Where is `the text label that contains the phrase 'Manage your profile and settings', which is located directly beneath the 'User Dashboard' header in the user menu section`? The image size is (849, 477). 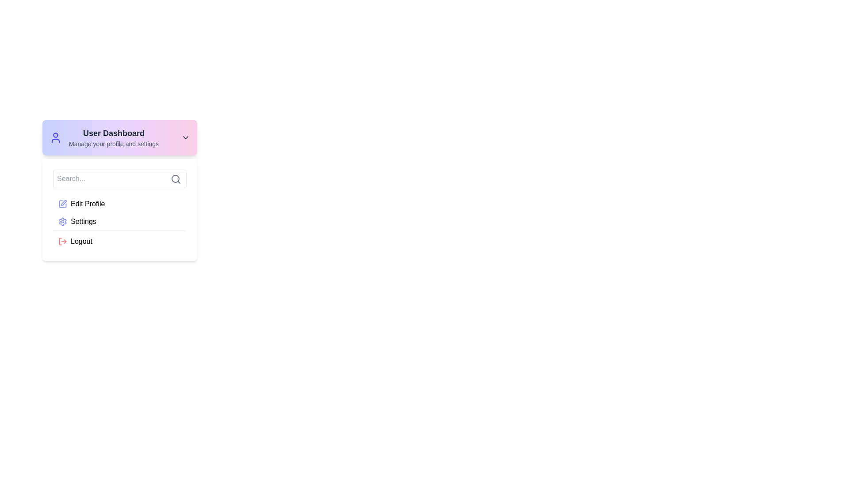
the text label that contains the phrase 'Manage your profile and settings', which is located directly beneath the 'User Dashboard' header in the user menu section is located at coordinates (113, 144).